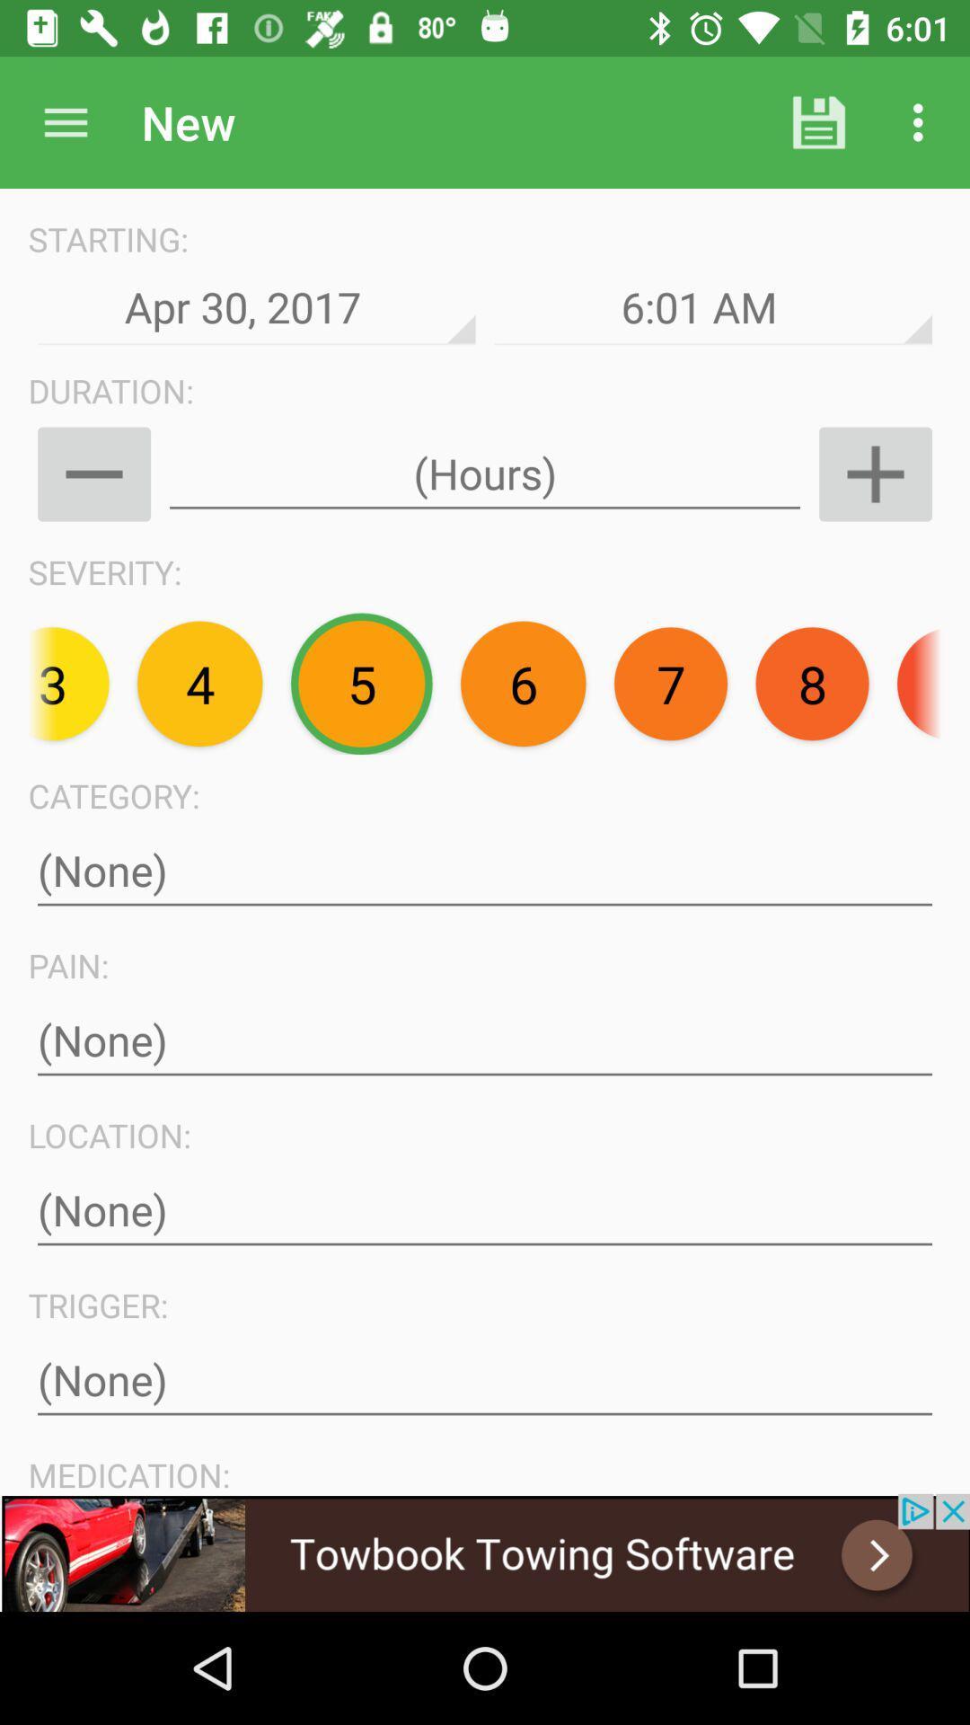 This screenshot has width=970, height=1725. I want to click on minus option, so click(93, 474).